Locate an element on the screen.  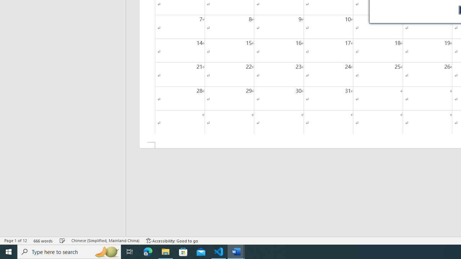
'Visual Studio Code - 1 running window' is located at coordinates (218, 251).